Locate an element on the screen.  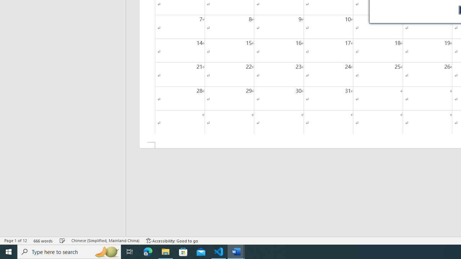
'Visual Studio Code - 1 running window' is located at coordinates (218, 251).